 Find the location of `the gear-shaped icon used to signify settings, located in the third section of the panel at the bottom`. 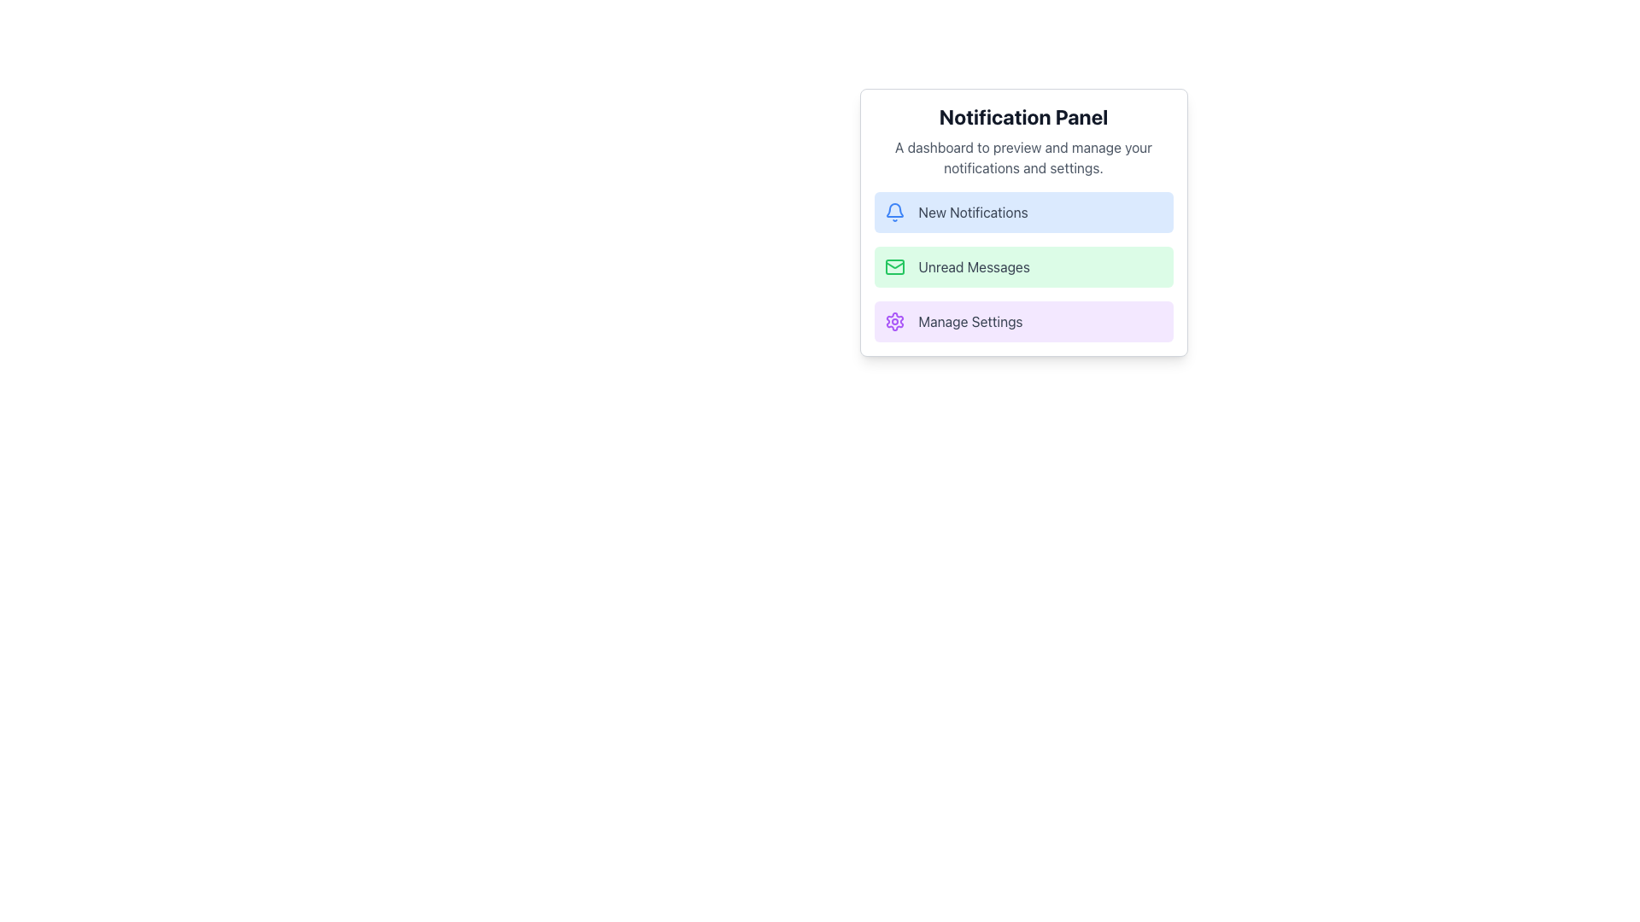

the gear-shaped icon used to signify settings, located in the third section of the panel at the bottom is located at coordinates (893, 322).